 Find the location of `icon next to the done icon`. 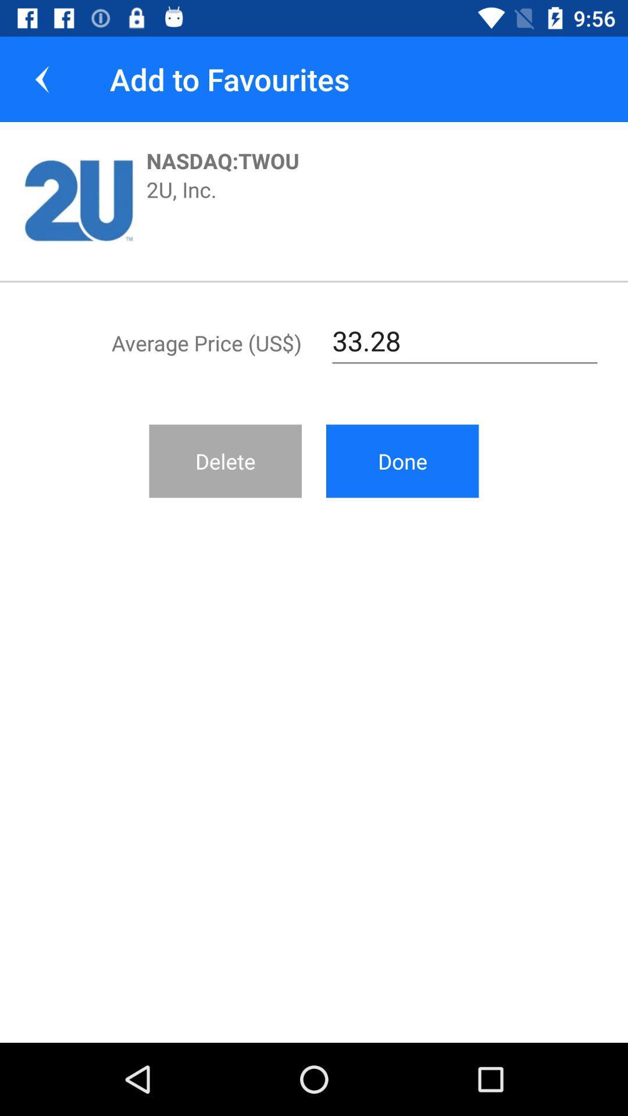

icon next to the done icon is located at coordinates (225, 460).